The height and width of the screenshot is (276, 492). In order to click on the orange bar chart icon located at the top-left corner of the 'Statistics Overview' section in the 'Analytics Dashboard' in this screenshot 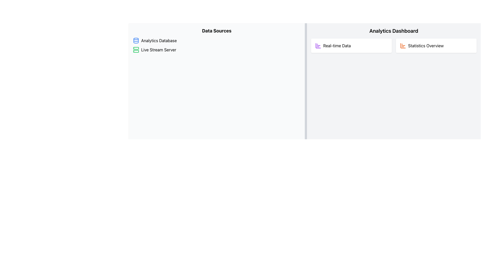, I will do `click(403, 45)`.